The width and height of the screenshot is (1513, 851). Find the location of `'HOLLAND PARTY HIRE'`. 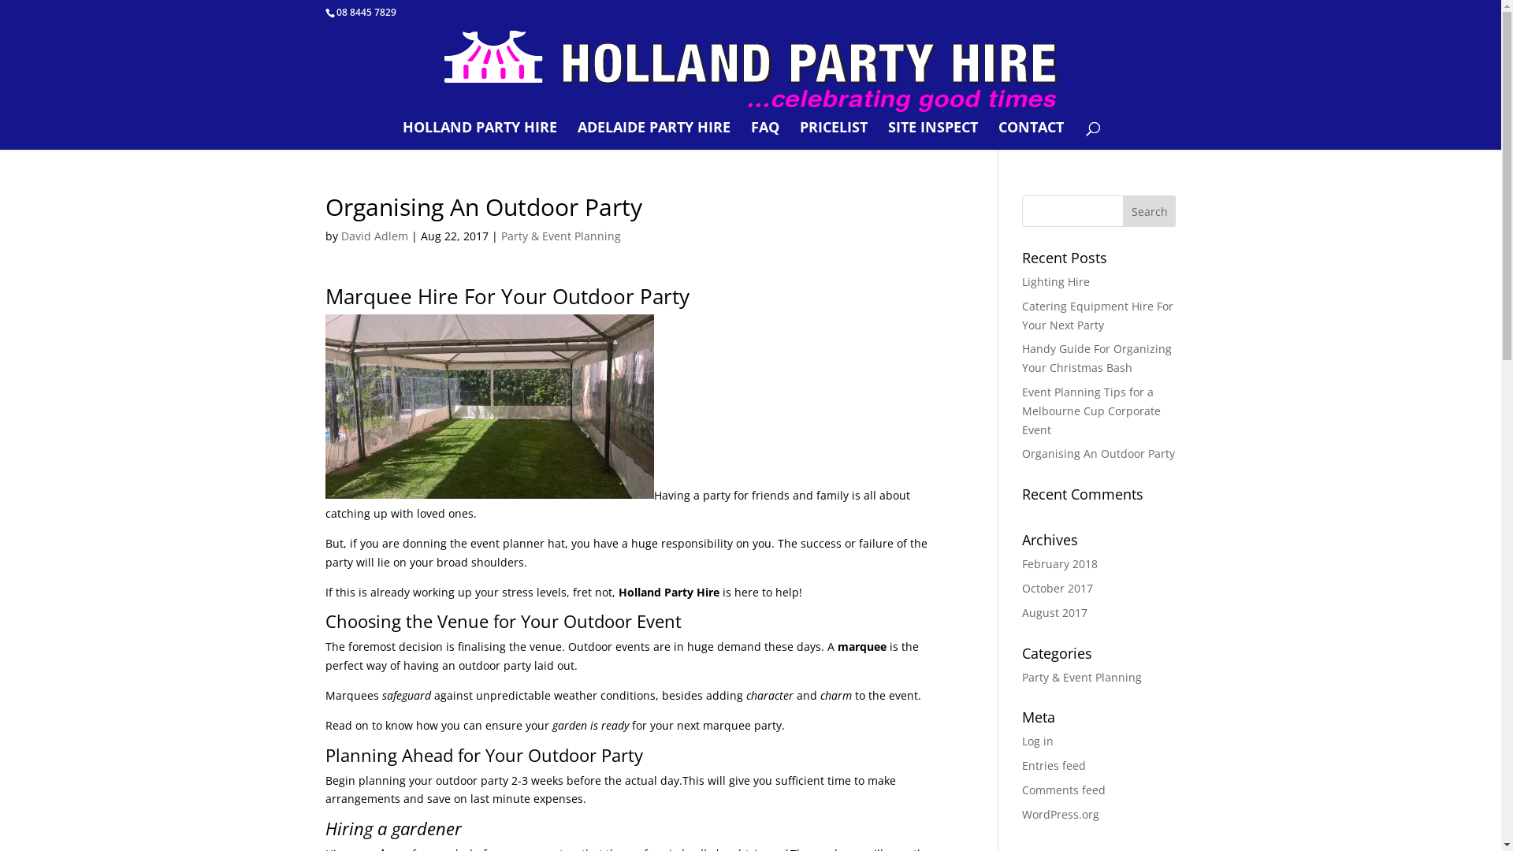

'HOLLAND PARTY HIRE' is located at coordinates (402, 135).